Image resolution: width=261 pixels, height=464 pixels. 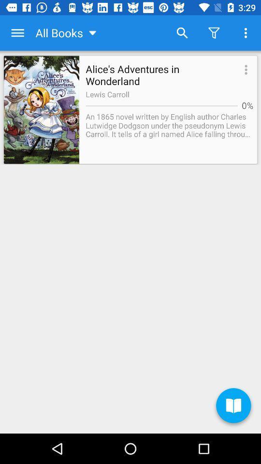 What do you see at coordinates (233, 406) in the screenshot?
I see `the book icon` at bounding box center [233, 406].